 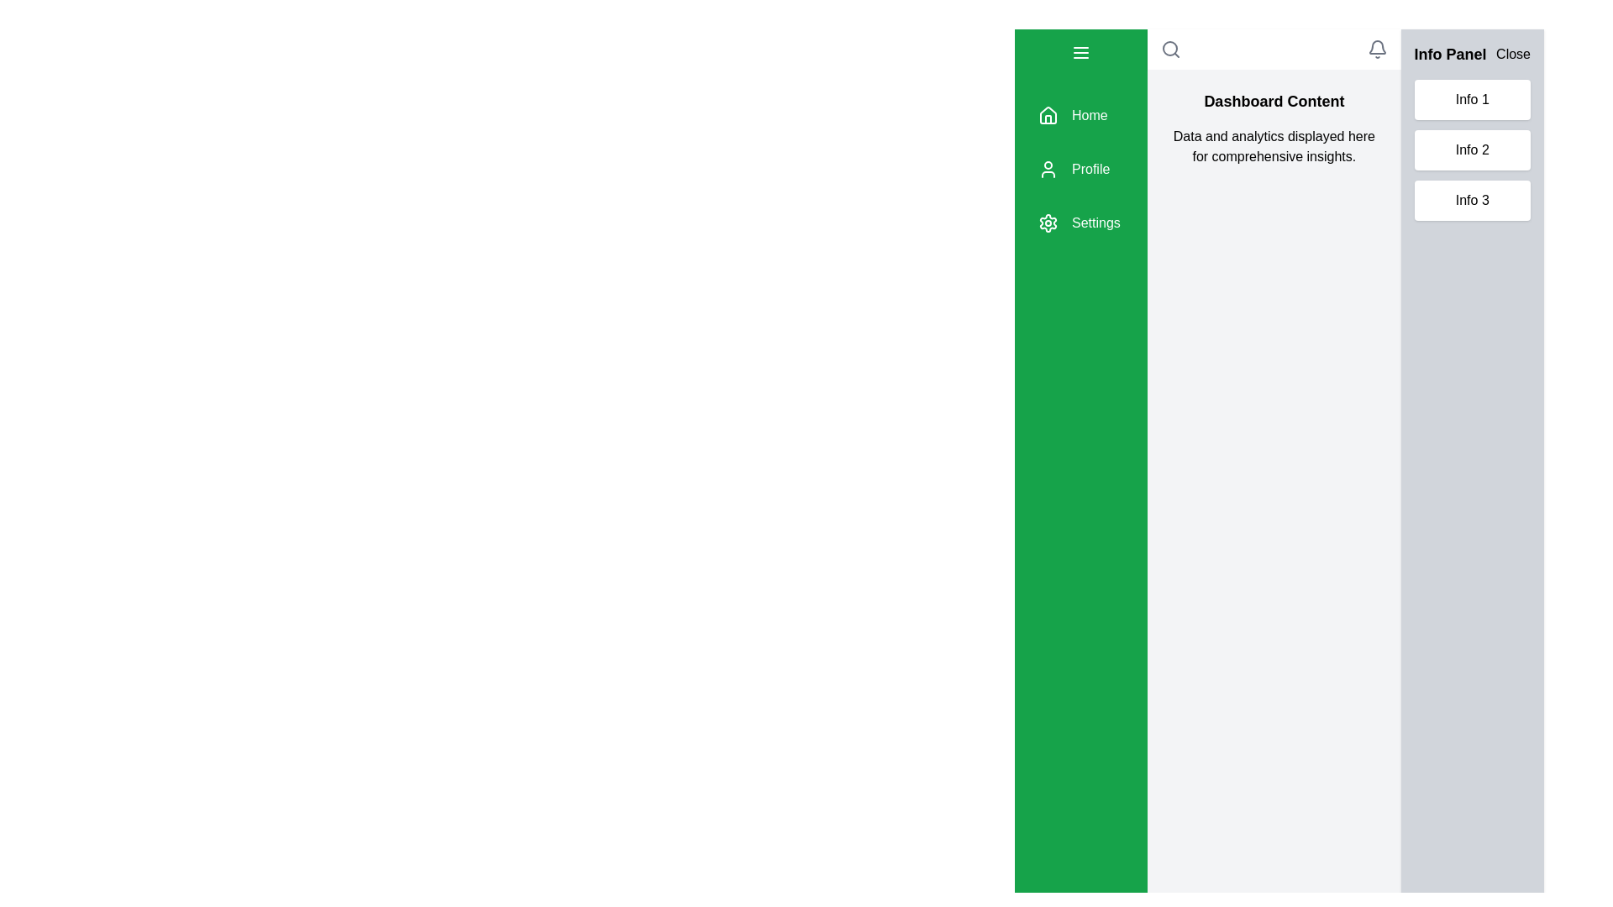 What do you see at coordinates (1089, 115) in the screenshot?
I see `the 'Home' navigation text label located in the left sidebar, positioned above the 'Profile' and 'Settings' items` at bounding box center [1089, 115].